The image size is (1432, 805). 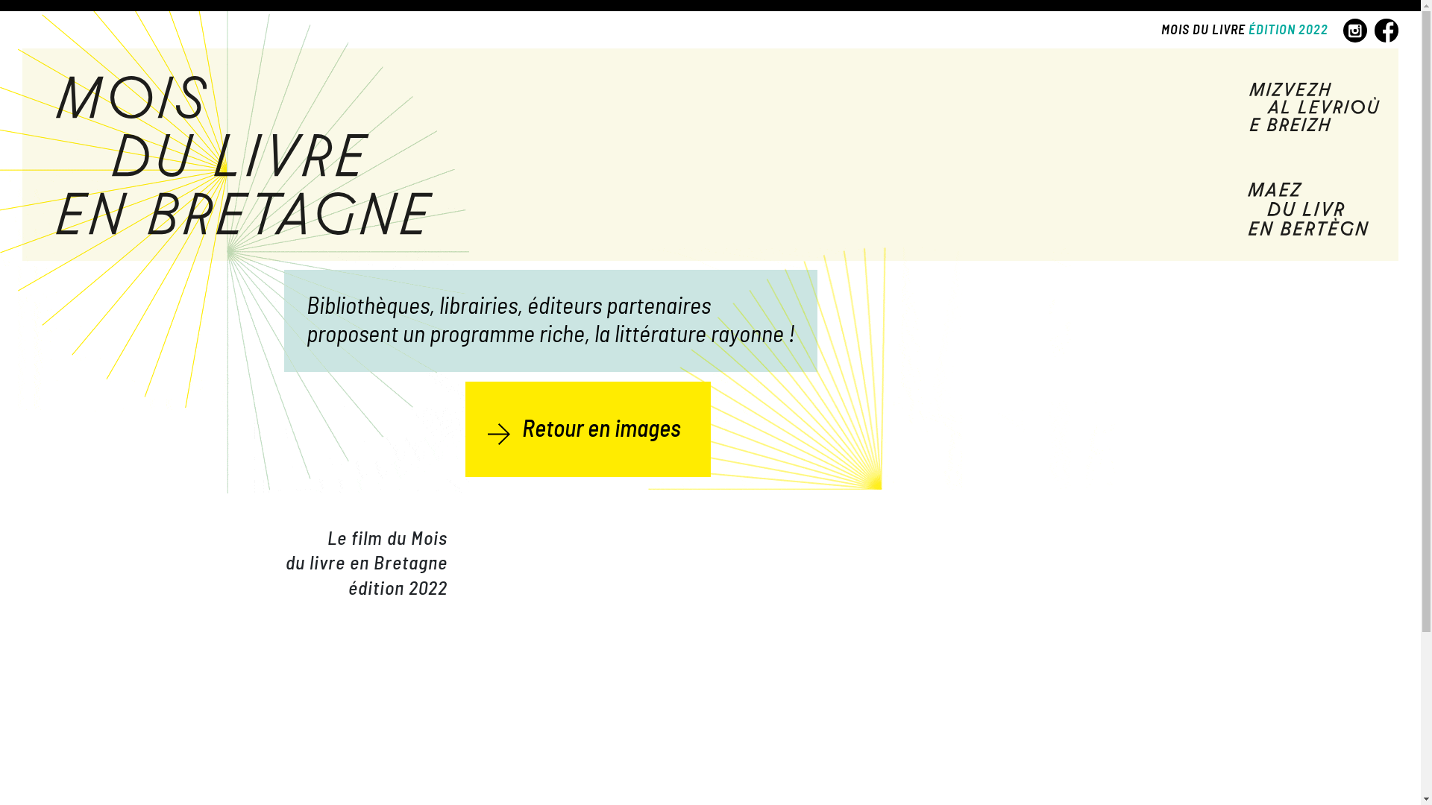 What do you see at coordinates (1160, 31) in the screenshot?
I see `'MOIS DU LIVRE'` at bounding box center [1160, 31].